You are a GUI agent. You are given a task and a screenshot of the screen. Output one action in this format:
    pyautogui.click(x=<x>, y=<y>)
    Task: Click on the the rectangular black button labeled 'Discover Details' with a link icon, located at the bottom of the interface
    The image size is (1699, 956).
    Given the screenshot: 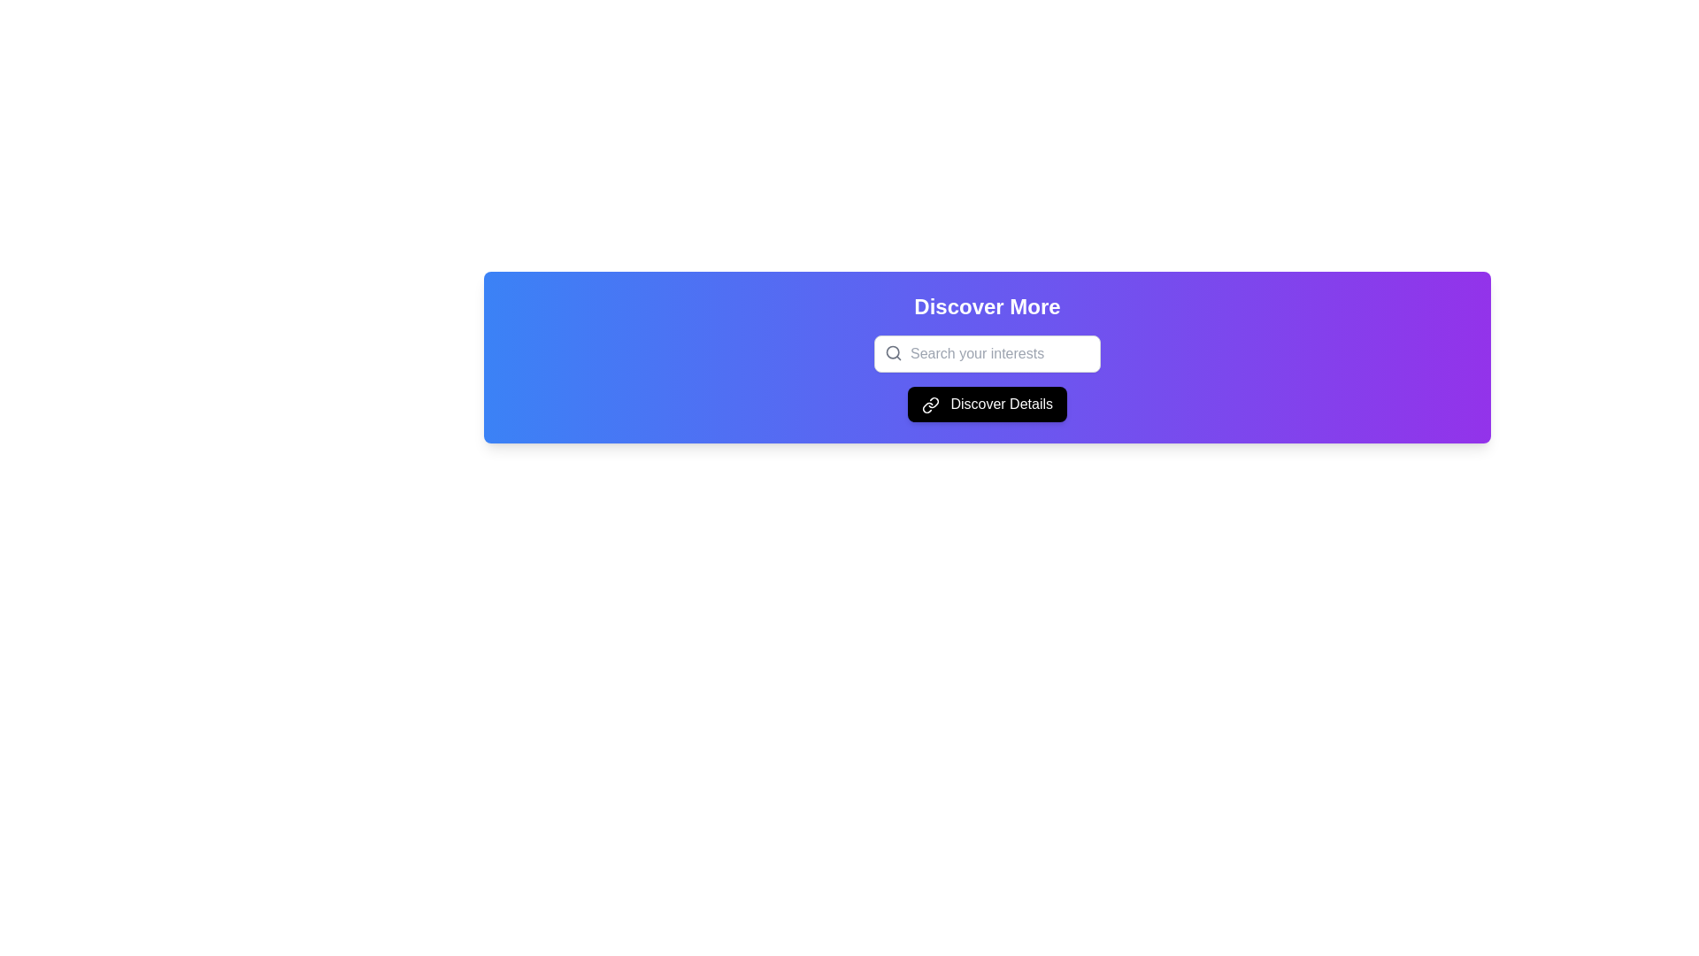 What is the action you would take?
    pyautogui.click(x=987, y=404)
    